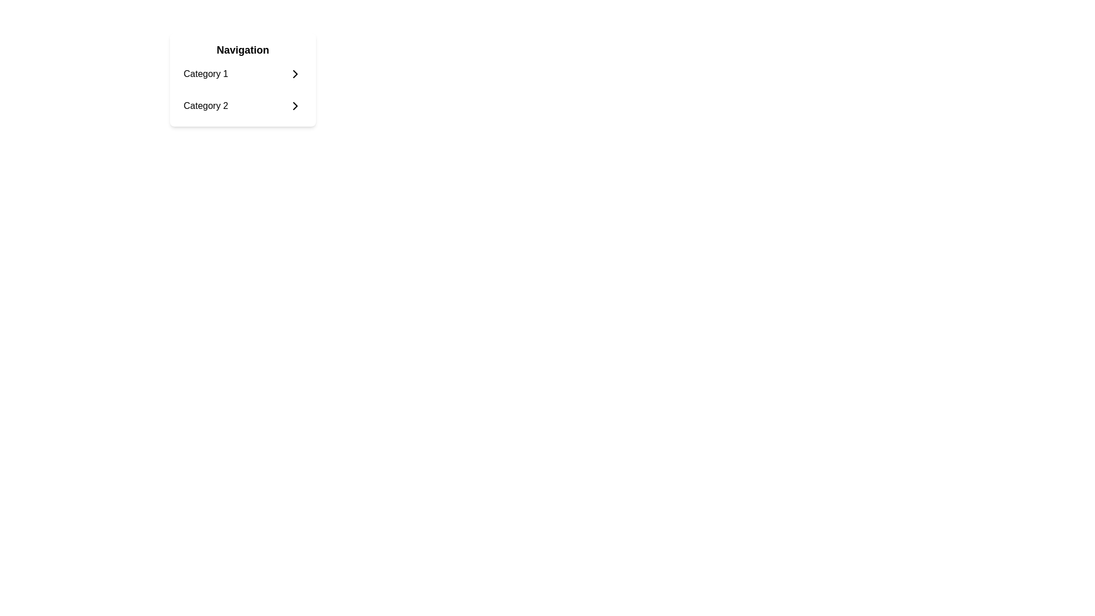 This screenshot has width=1095, height=616. Describe the element at coordinates (295, 106) in the screenshot. I see `the 'Chevron Right' icon next to 'Category 2'` at that location.